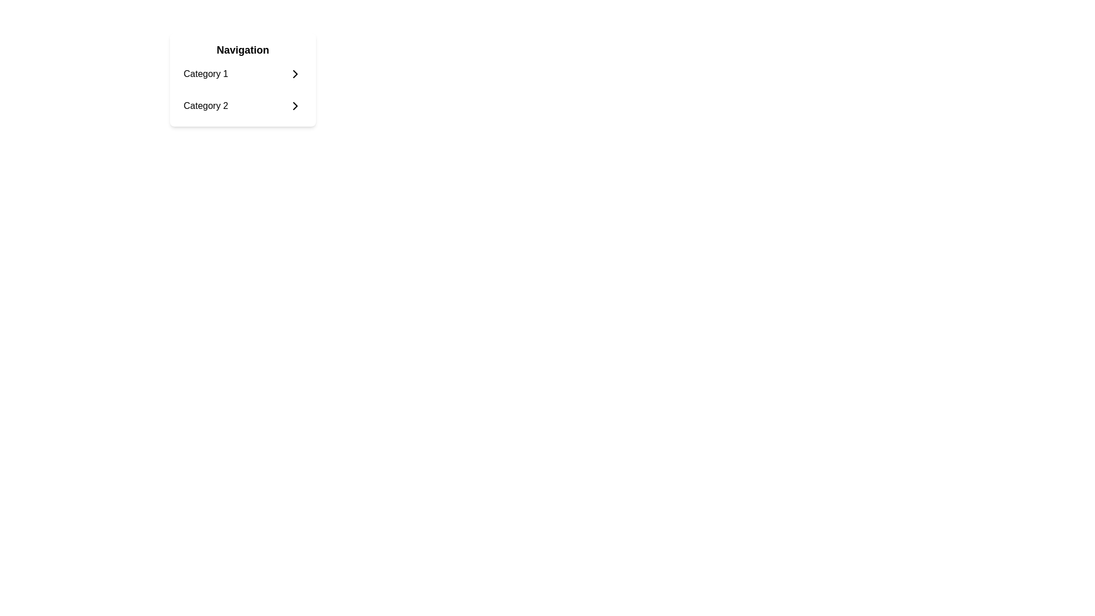 This screenshot has width=1095, height=616. Describe the element at coordinates (295, 106) in the screenshot. I see `the 'Chevron Right' icon next to 'Category 2'` at that location.